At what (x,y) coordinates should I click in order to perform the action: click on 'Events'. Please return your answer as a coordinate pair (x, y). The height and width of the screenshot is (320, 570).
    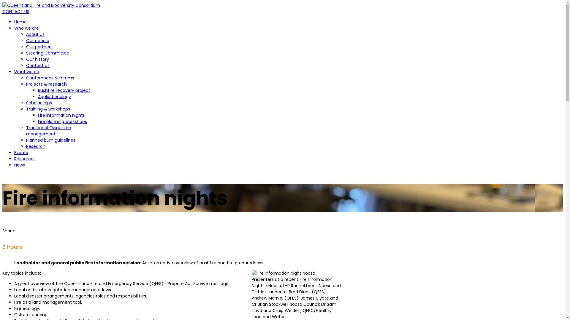
    Looking at the image, I should click on (14, 152).